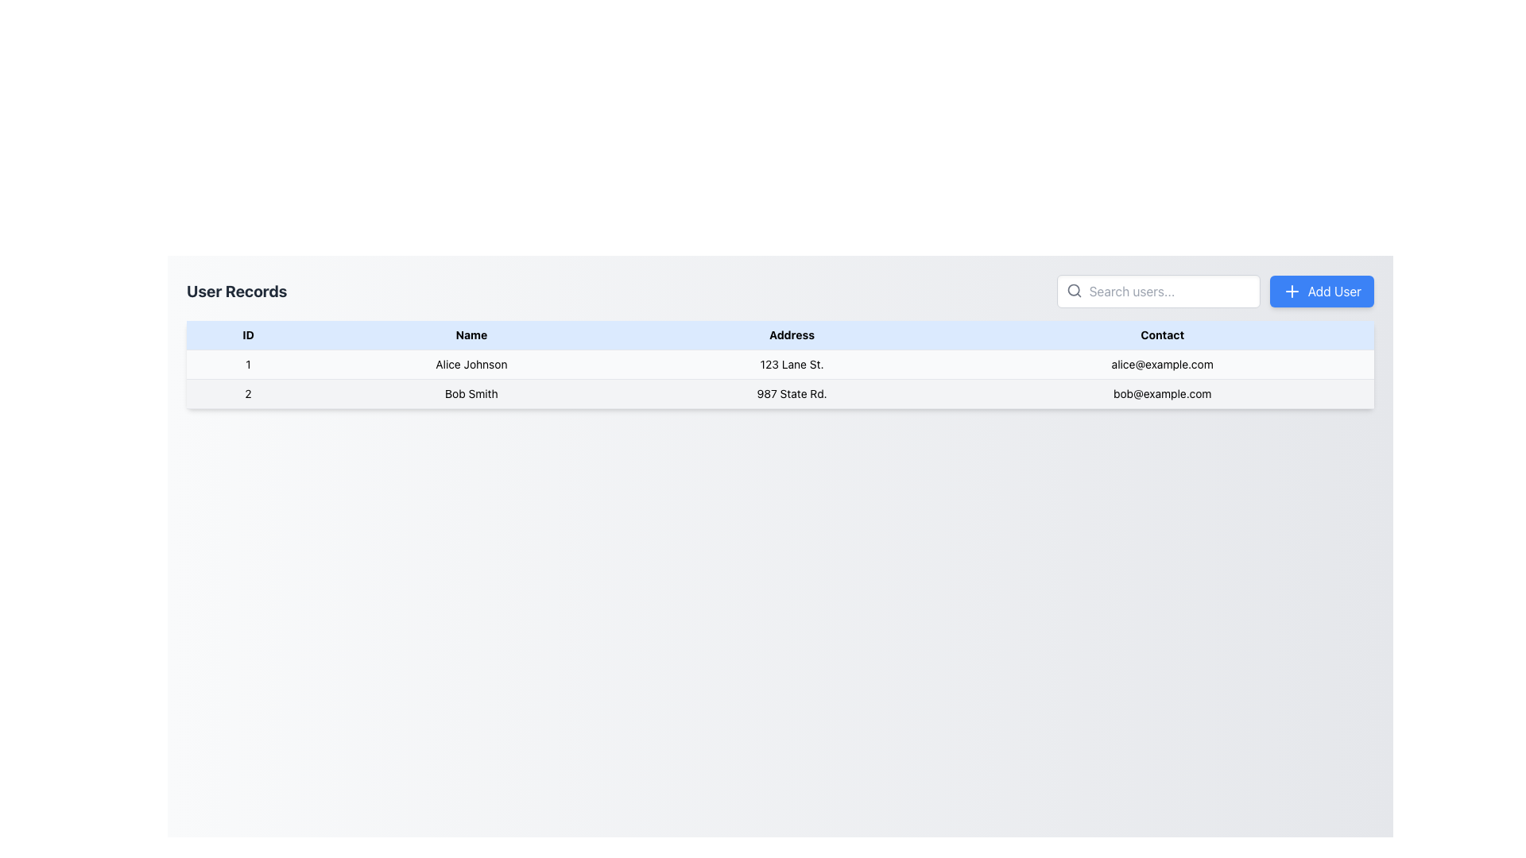 Image resolution: width=1526 pixels, height=858 pixels. I want to click on the first table row displaying user records, so click(780, 365).